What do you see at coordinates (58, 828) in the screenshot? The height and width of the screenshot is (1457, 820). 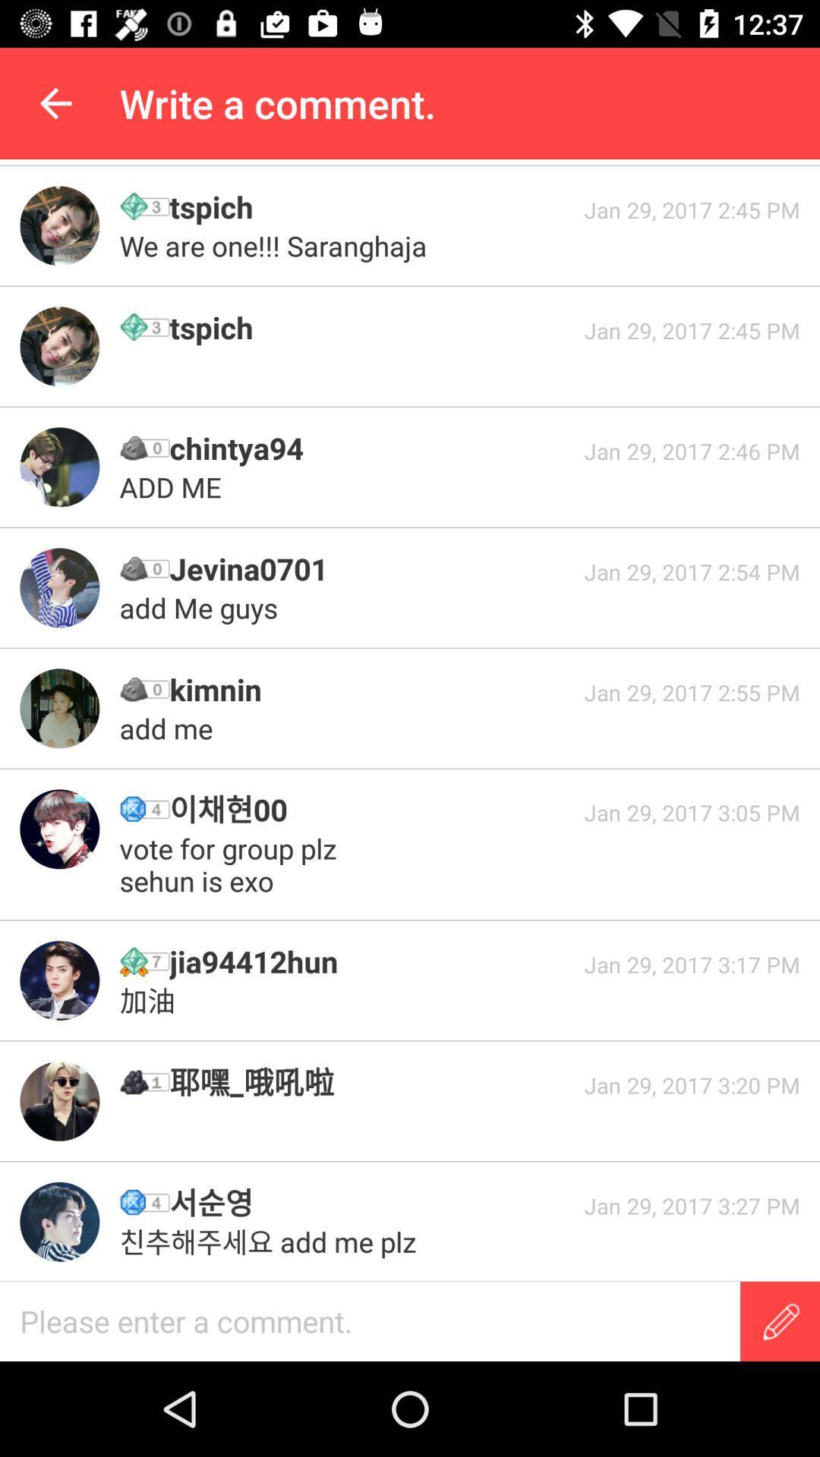 I see `profile image of someone` at bounding box center [58, 828].